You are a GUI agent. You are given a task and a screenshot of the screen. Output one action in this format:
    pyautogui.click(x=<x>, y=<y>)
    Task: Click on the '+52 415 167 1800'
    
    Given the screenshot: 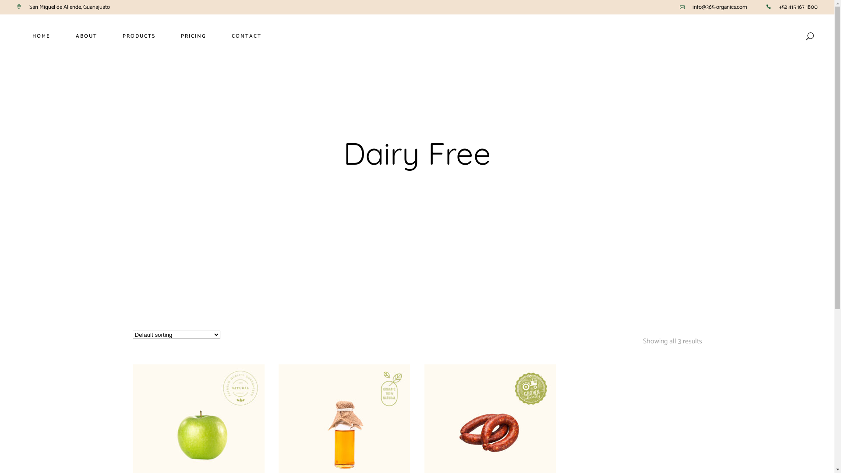 What is the action you would take?
    pyautogui.click(x=798, y=7)
    